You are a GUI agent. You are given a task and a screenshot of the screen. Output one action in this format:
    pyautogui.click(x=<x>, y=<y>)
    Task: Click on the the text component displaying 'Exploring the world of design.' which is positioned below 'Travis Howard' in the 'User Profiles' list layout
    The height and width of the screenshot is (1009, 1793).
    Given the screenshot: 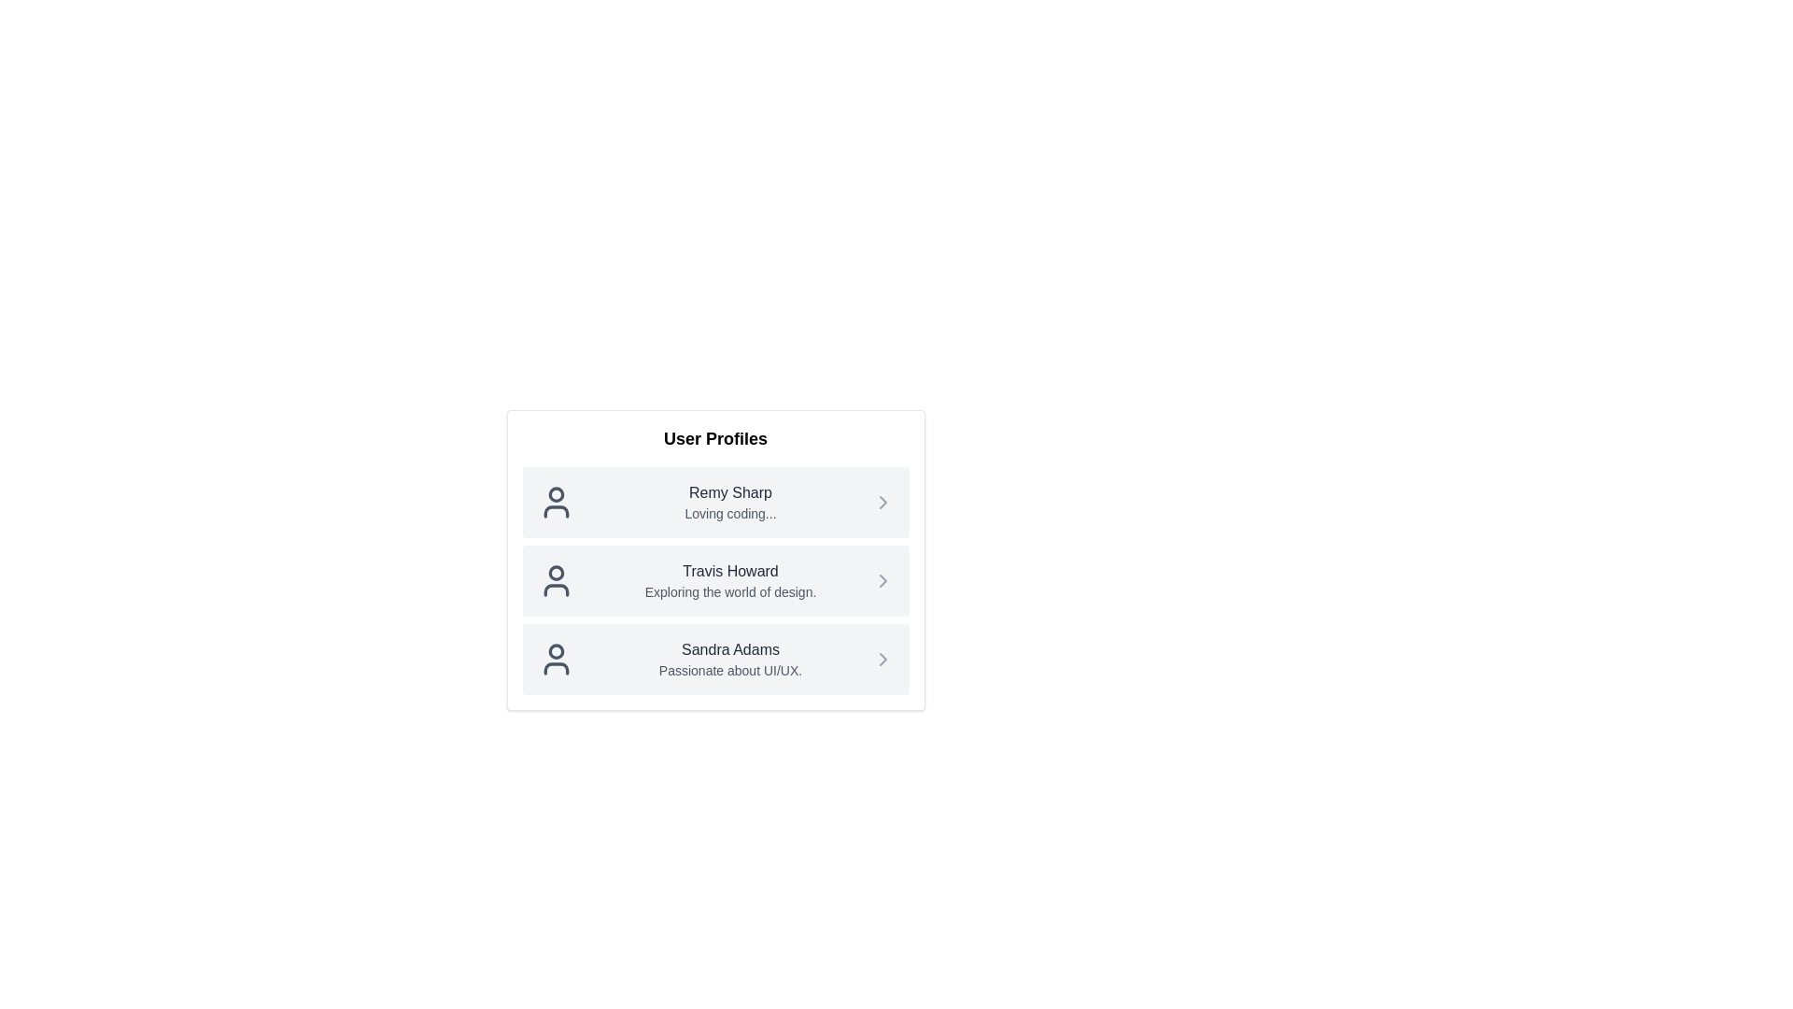 What is the action you would take?
    pyautogui.click(x=729, y=591)
    